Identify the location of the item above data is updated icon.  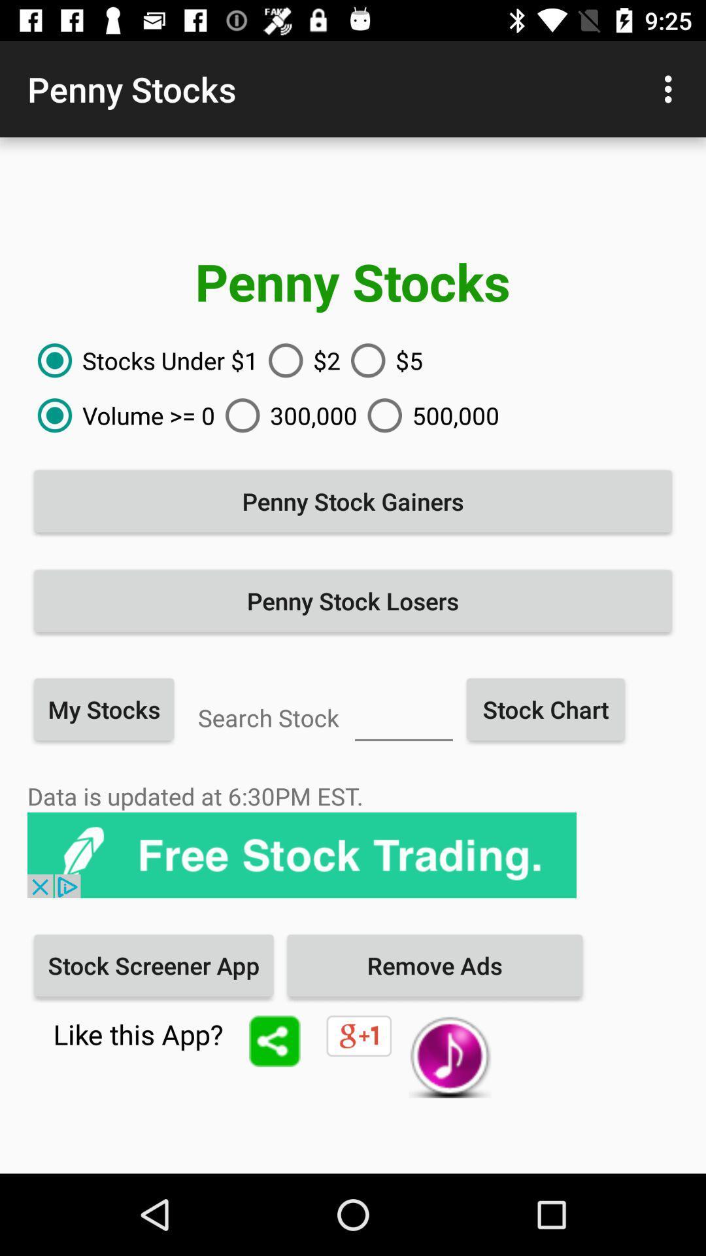
(103, 708).